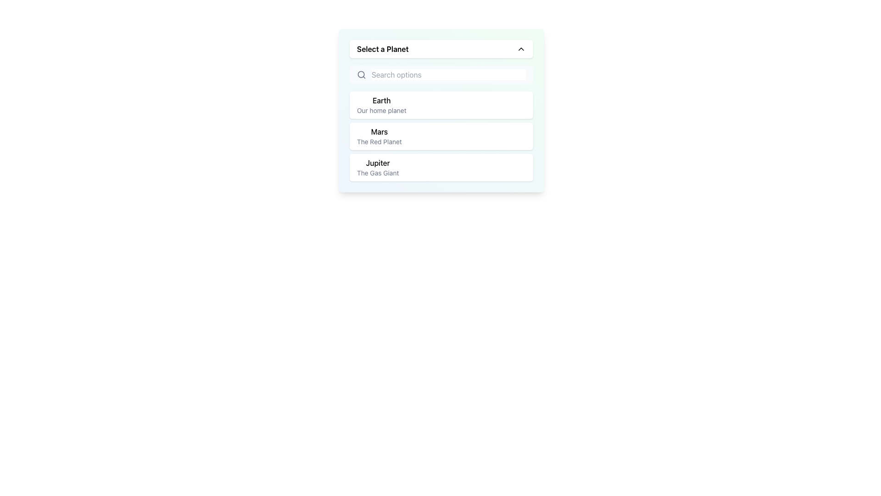 The height and width of the screenshot is (496, 881). I want to click on the selectable list item styled as a button representing the planet Mars, so click(441, 136).